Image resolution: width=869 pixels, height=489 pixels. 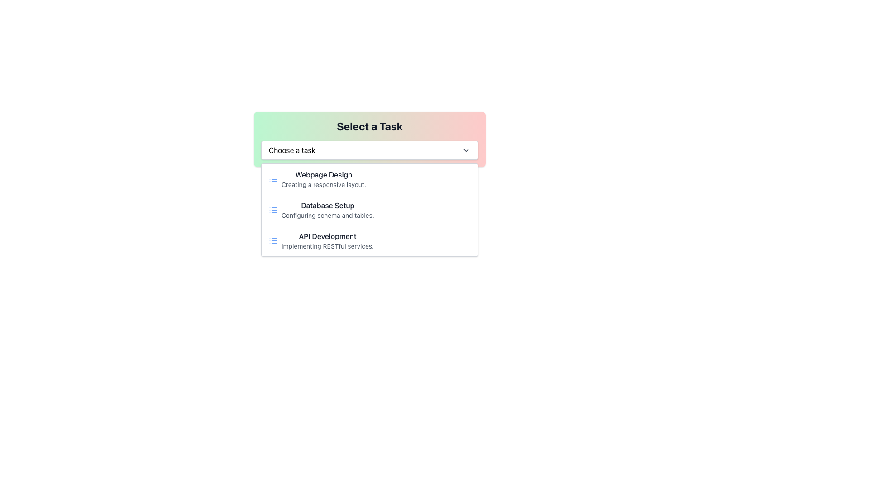 I want to click on the third item in the dropdown menu labeled 'Select a Task', so click(x=327, y=240).